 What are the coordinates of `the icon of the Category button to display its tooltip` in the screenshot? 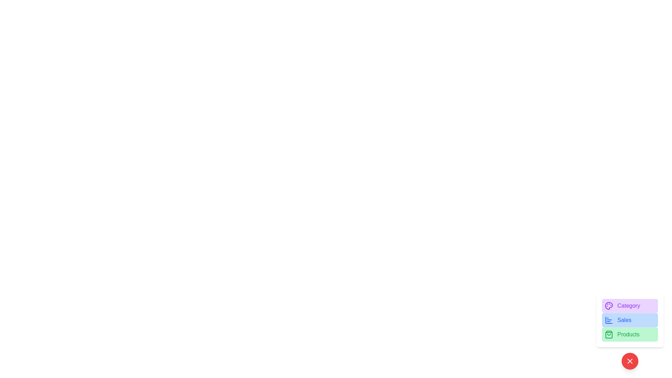 It's located at (608, 306).